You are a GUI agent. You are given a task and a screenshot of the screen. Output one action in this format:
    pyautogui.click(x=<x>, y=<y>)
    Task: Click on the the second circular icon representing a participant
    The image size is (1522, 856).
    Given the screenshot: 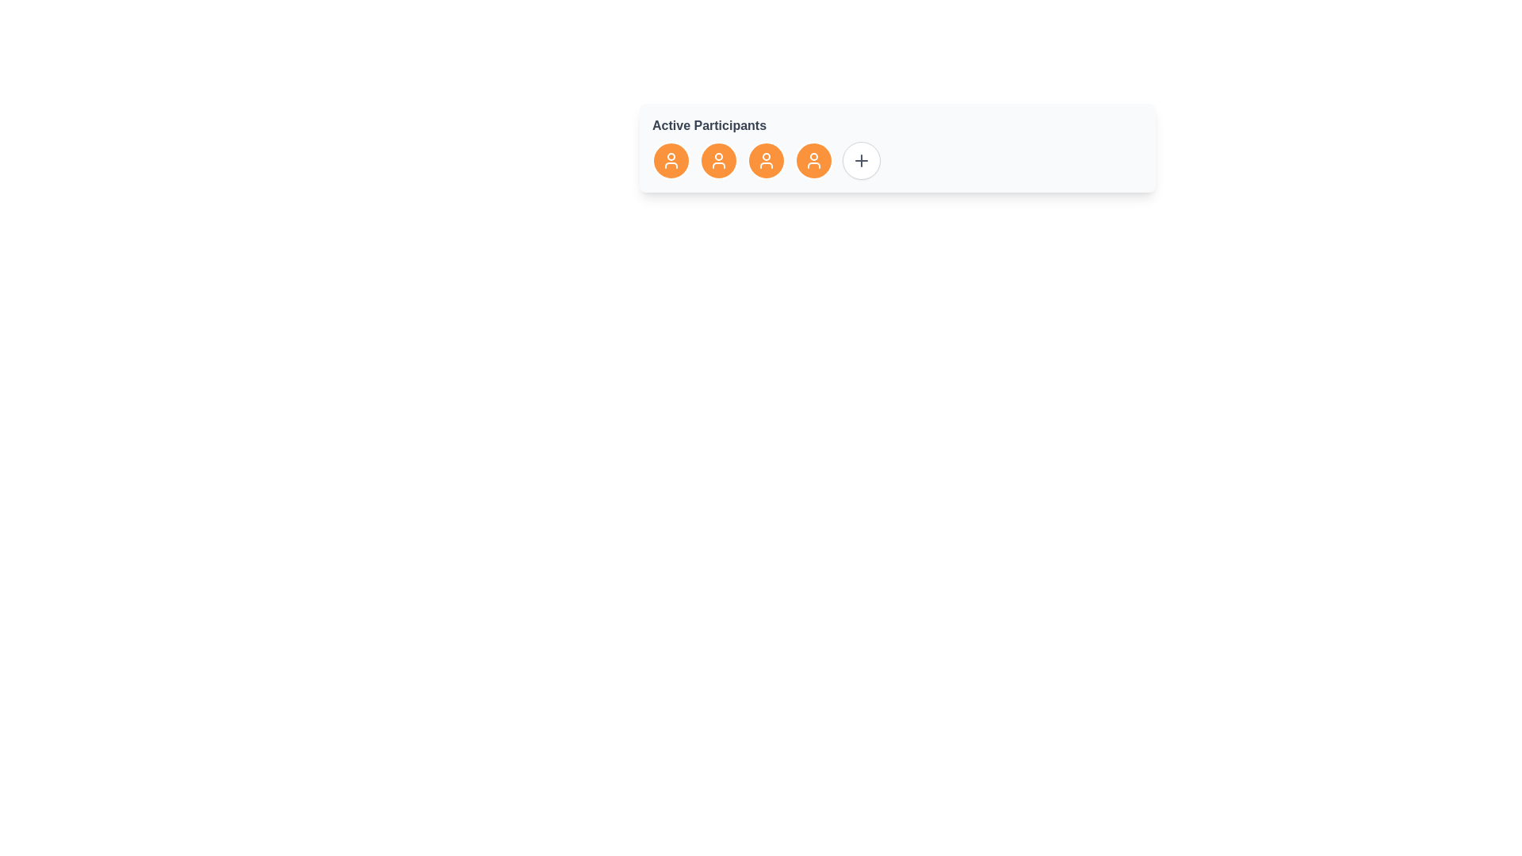 What is the action you would take?
    pyautogui.click(x=718, y=161)
    